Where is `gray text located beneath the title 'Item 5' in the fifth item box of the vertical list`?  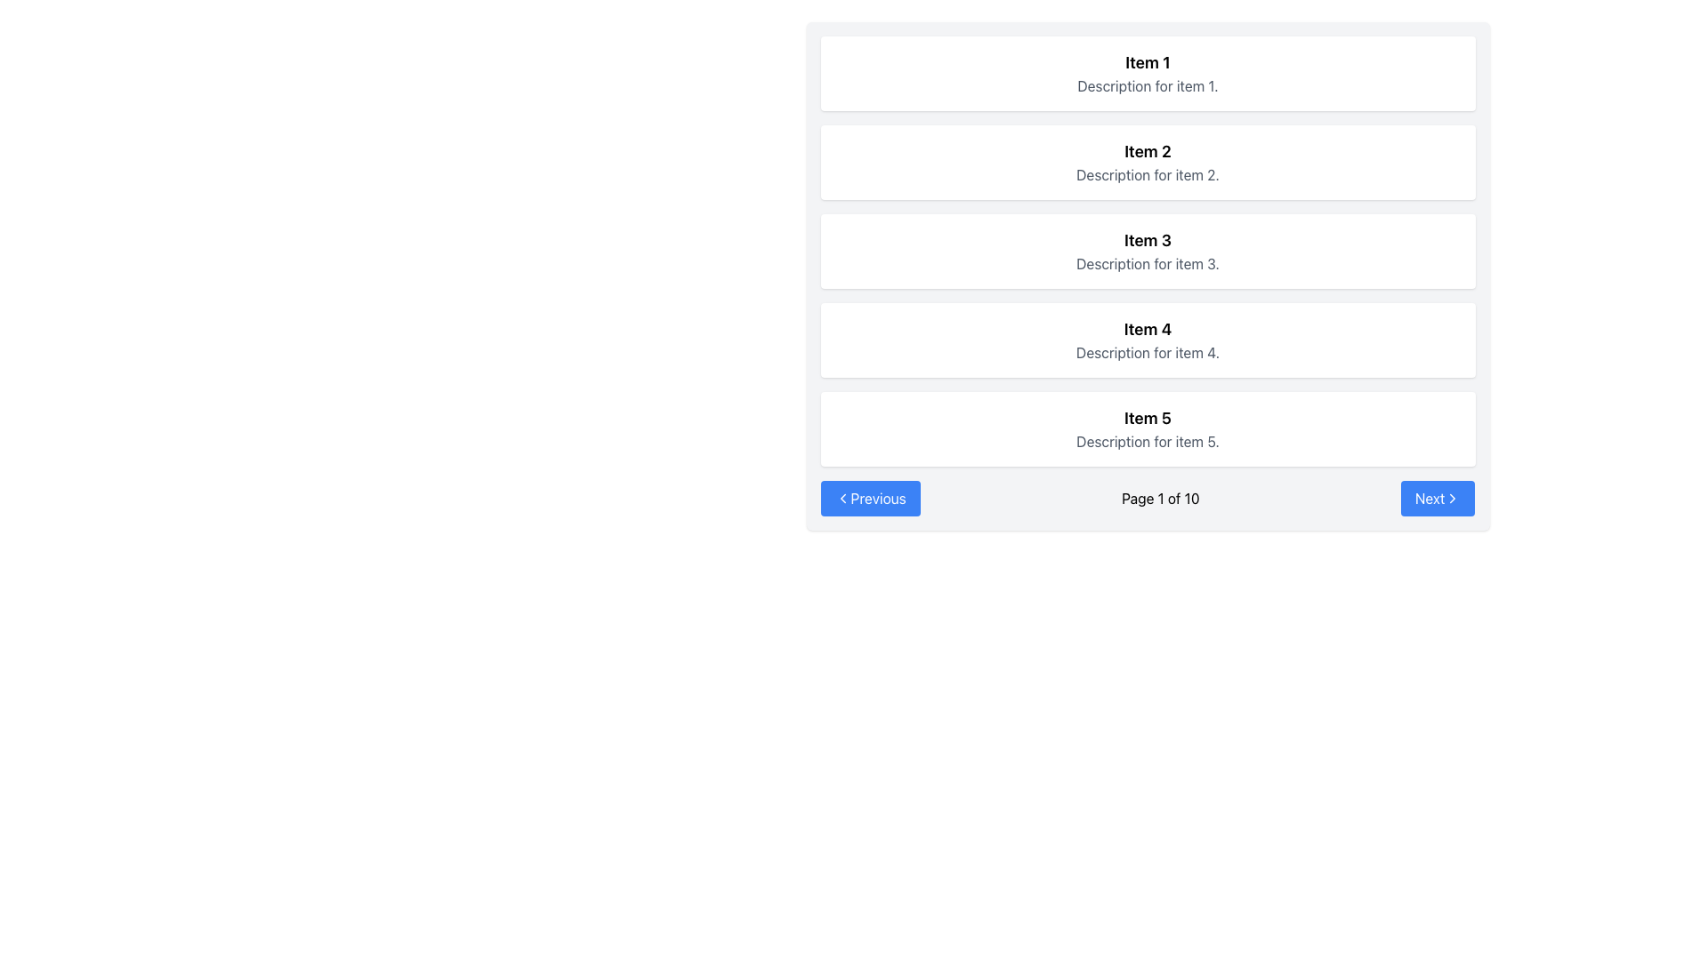
gray text located beneath the title 'Item 5' in the fifth item box of the vertical list is located at coordinates (1148, 441).